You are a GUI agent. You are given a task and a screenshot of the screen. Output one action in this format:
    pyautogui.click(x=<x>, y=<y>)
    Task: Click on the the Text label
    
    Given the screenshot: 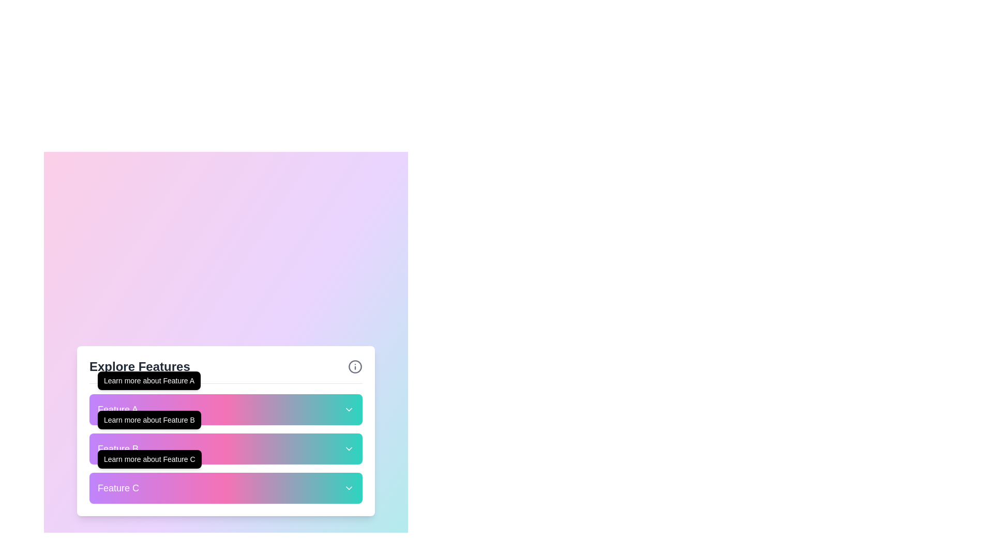 What is the action you would take?
    pyautogui.click(x=118, y=409)
    